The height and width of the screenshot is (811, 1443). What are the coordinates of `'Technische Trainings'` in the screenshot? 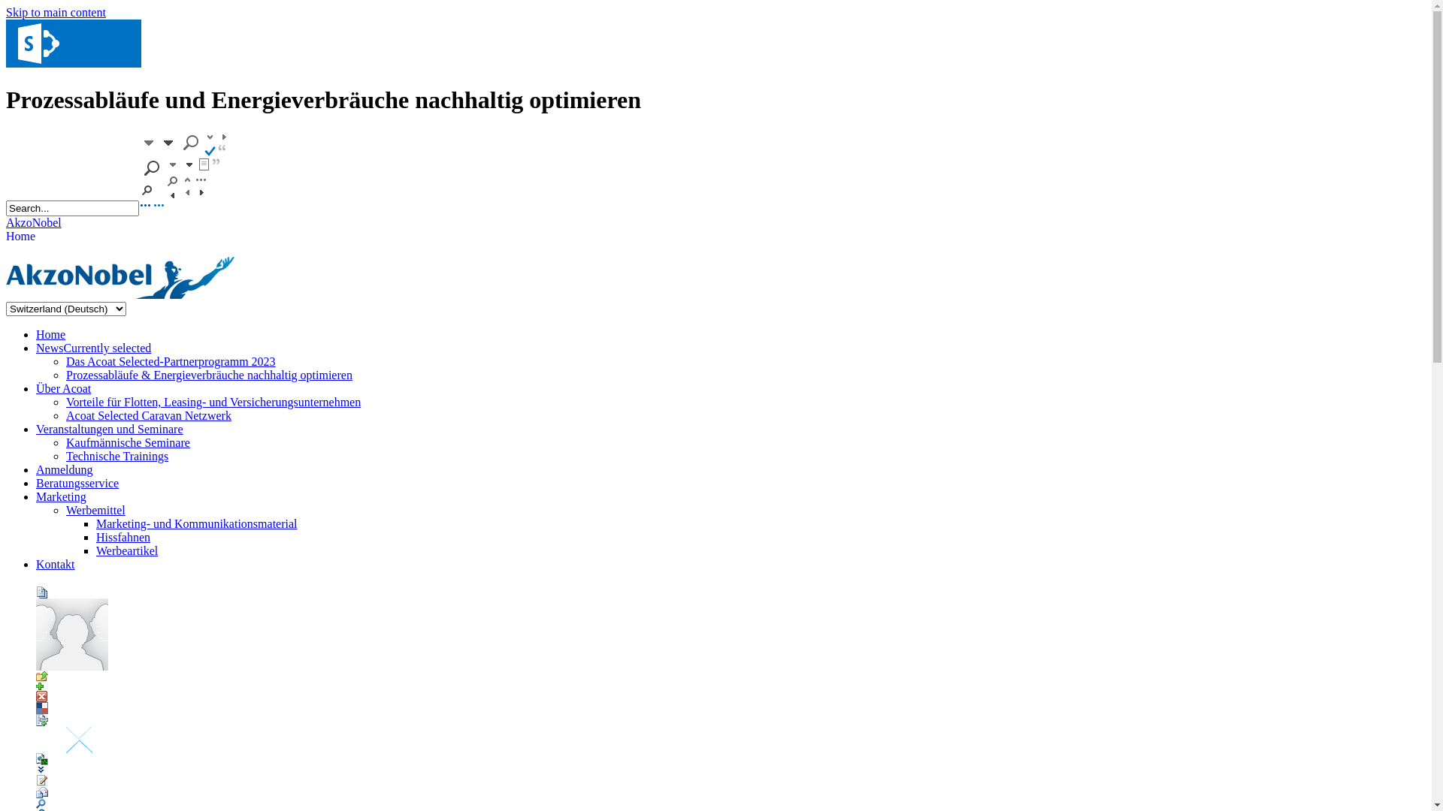 It's located at (116, 455).